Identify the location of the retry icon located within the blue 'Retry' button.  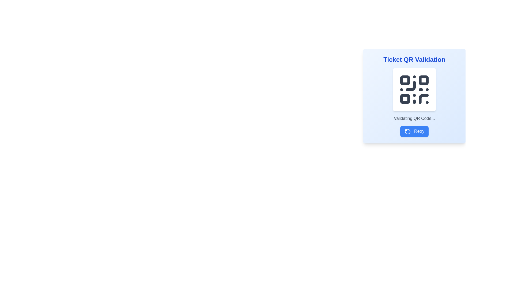
(407, 131).